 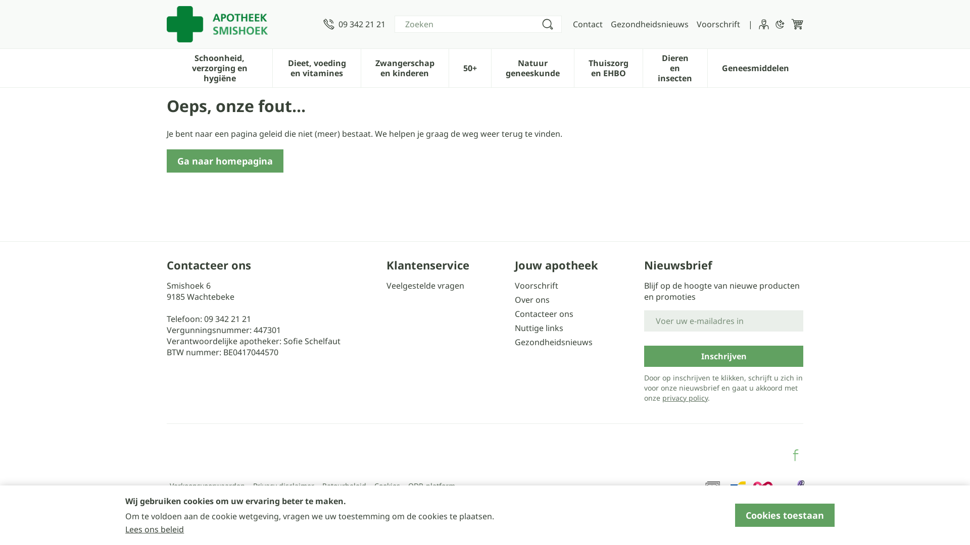 I want to click on 'Privacy disclaimer', so click(x=283, y=485).